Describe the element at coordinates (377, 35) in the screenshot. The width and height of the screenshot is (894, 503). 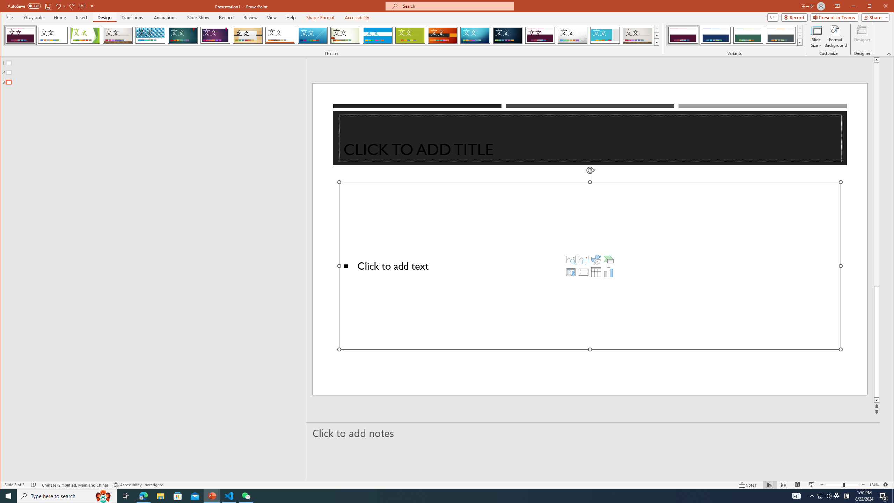
I see `'Banded'` at that location.